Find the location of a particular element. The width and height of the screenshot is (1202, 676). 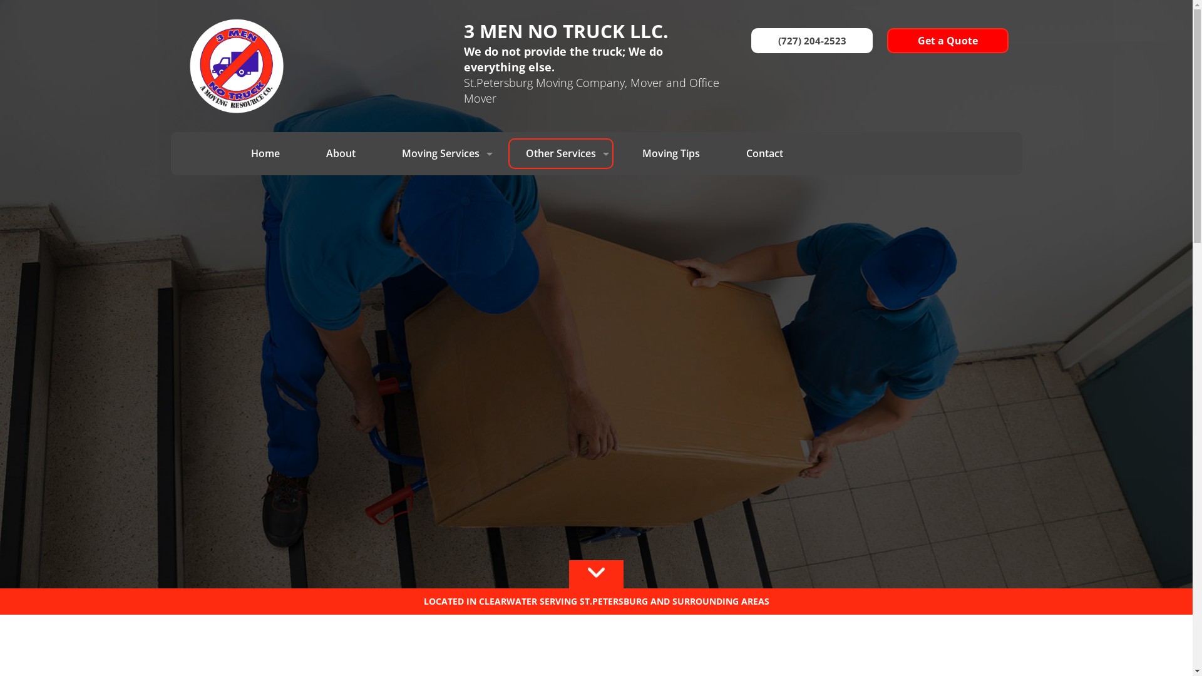

'Moving Services' is located at coordinates (441, 153).